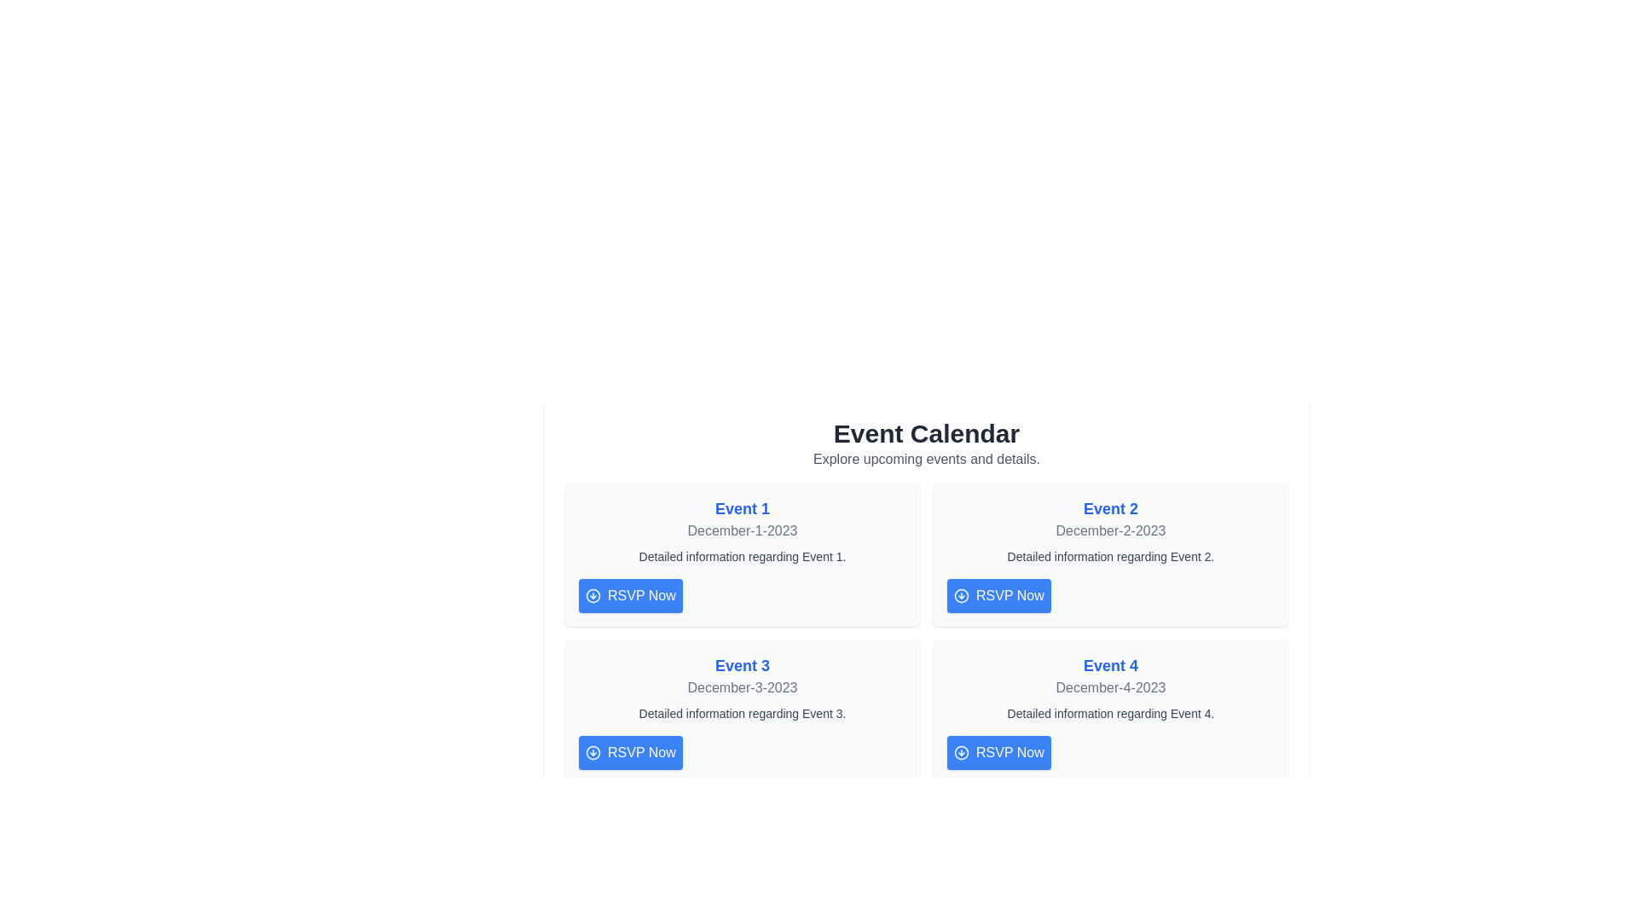  What do you see at coordinates (742, 556) in the screenshot?
I see `text label element styled with a small gray font that provides detailed information regarding 'Event 1', positioned below the event title and date` at bounding box center [742, 556].